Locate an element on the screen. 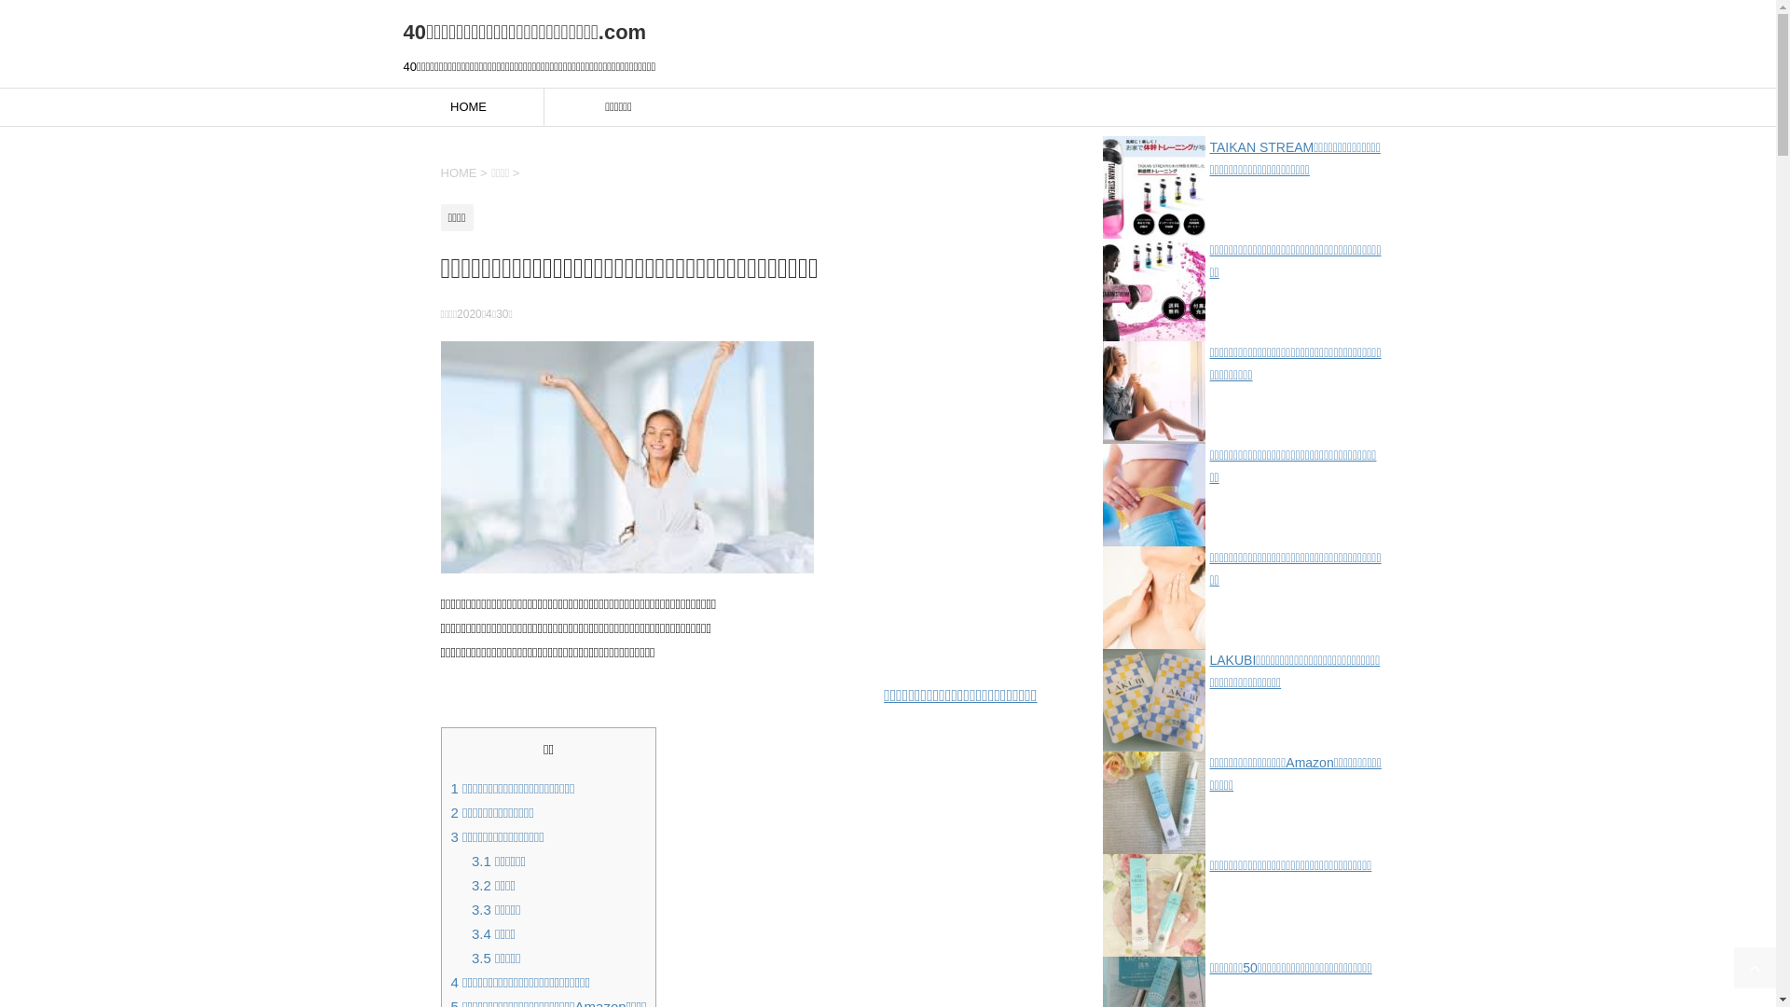  'HOME' is located at coordinates (438, 172).